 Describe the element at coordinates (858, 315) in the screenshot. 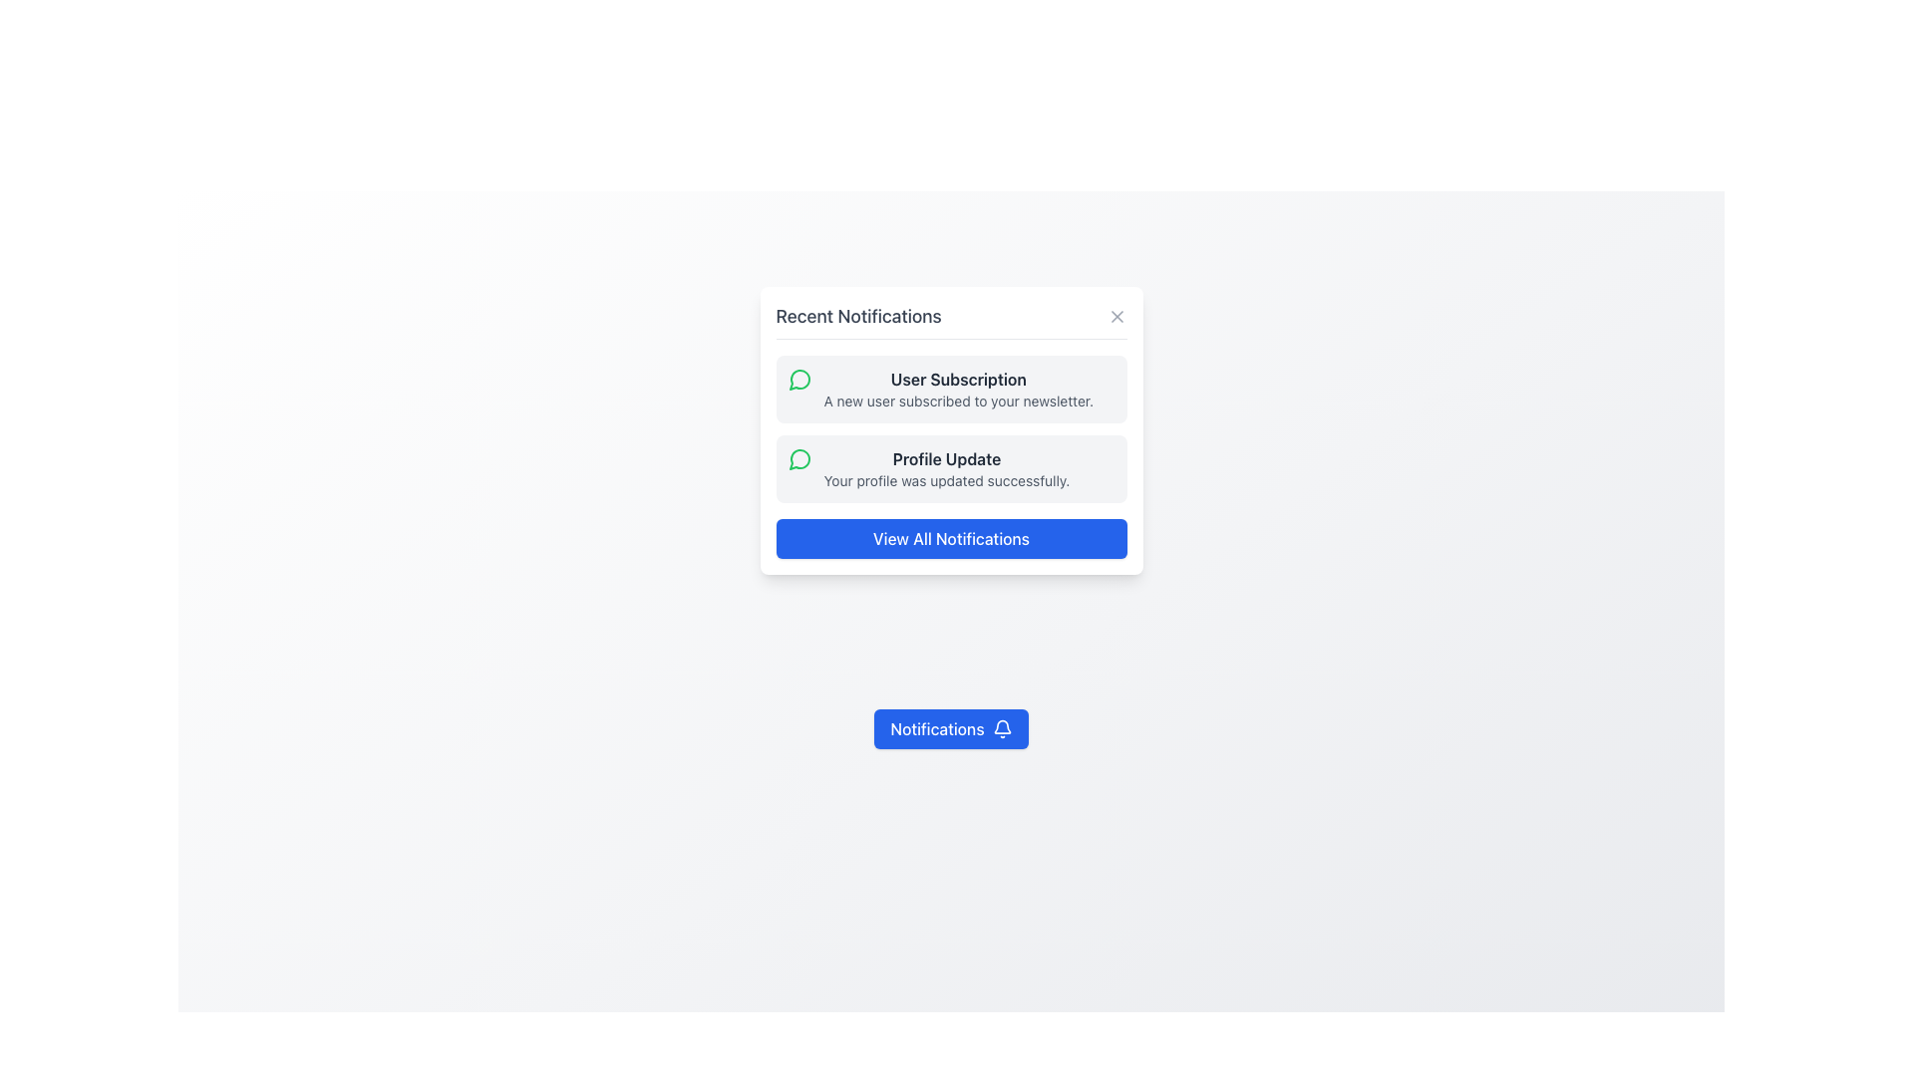

I see `text label 'Recent Notifications' displayed at the top-left of the notification panel` at that location.